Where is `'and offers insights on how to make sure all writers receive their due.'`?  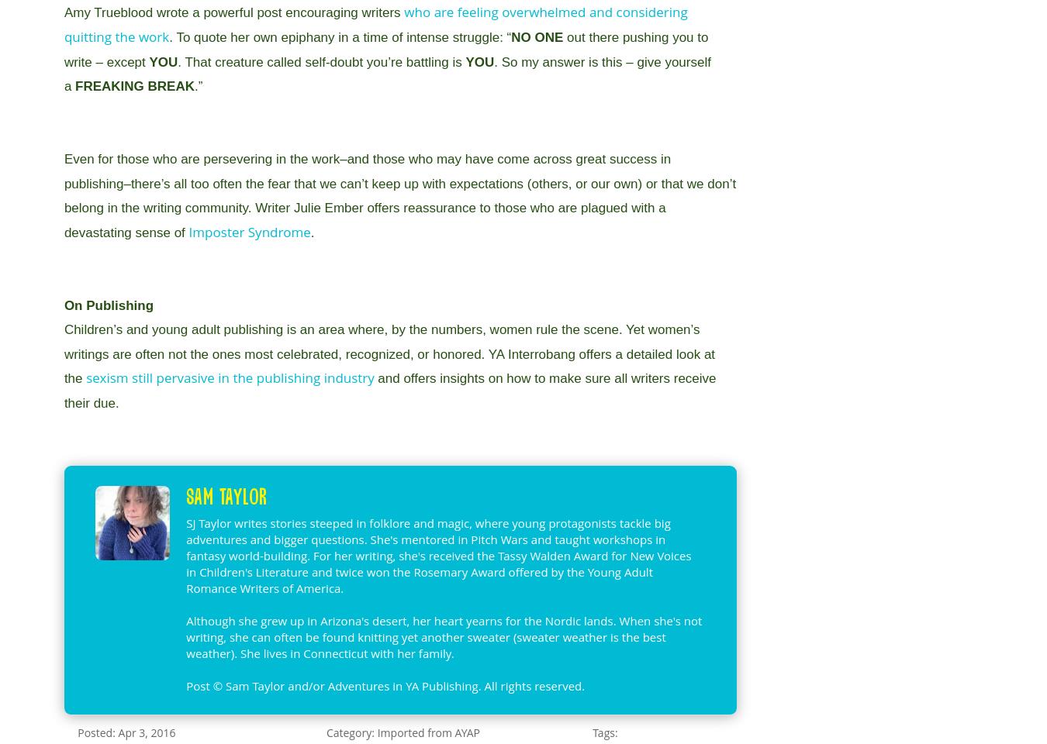
'and offers insights on how to make sure all writers receive their due.' is located at coordinates (389, 390).